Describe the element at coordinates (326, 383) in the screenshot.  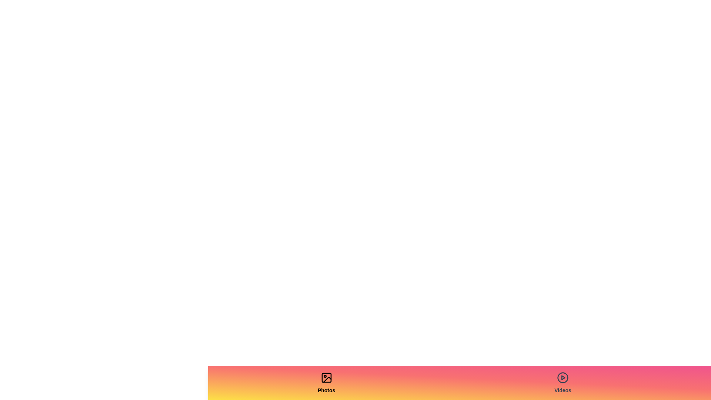
I see `the Photos tab by clicking its corresponding button` at that location.